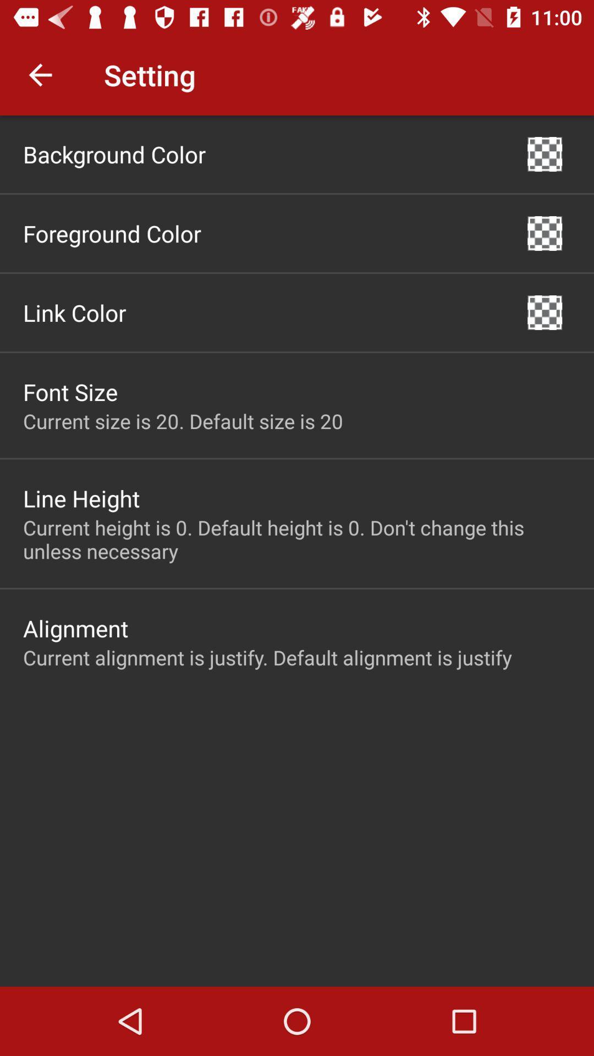 The width and height of the screenshot is (594, 1056). Describe the element at coordinates (81, 498) in the screenshot. I see `the icon above the current height is icon` at that location.